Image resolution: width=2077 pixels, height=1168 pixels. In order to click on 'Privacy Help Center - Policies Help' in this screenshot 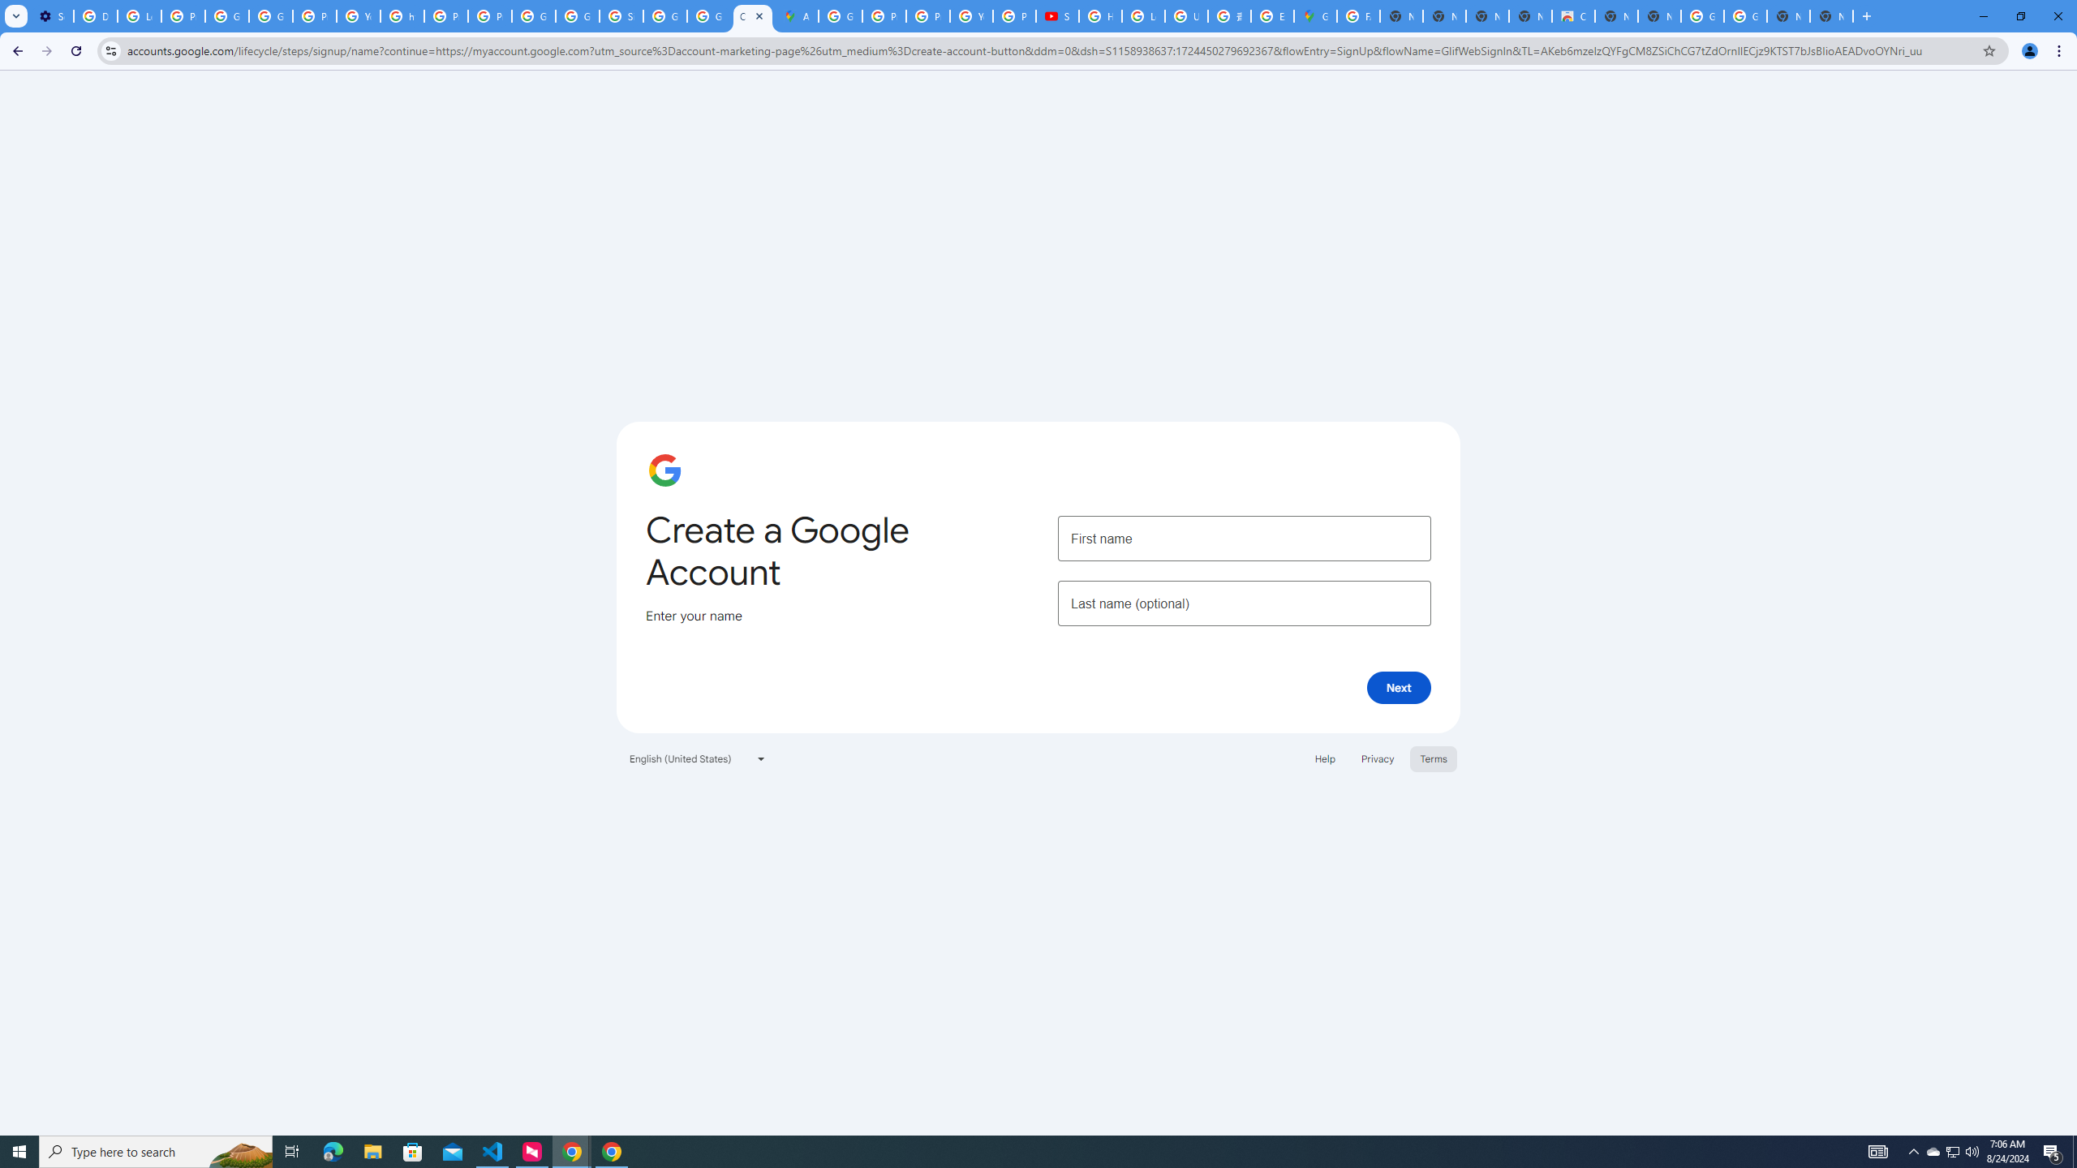, I will do `click(884, 15)`.